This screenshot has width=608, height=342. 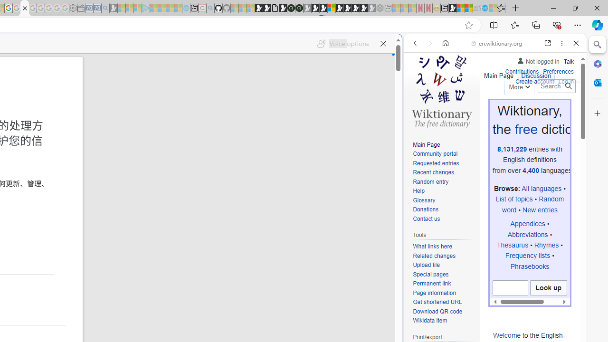 What do you see at coordinates (536, 73) in the screenshot?
I see `'Discussion'` at bounding box center [536, 73].